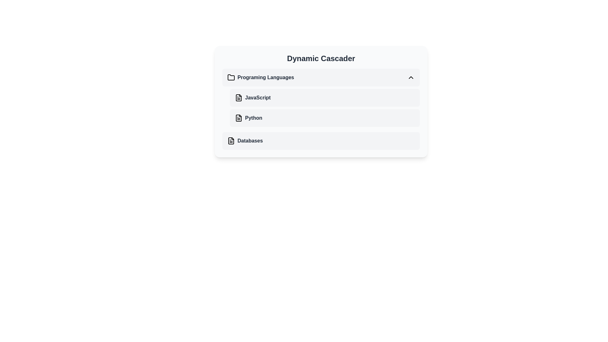  I want to click on the document icon located to the left of the text 'Python', which features a minimalistic line art design with black strokes and three horizontal lines representing text, so click(238, 118).